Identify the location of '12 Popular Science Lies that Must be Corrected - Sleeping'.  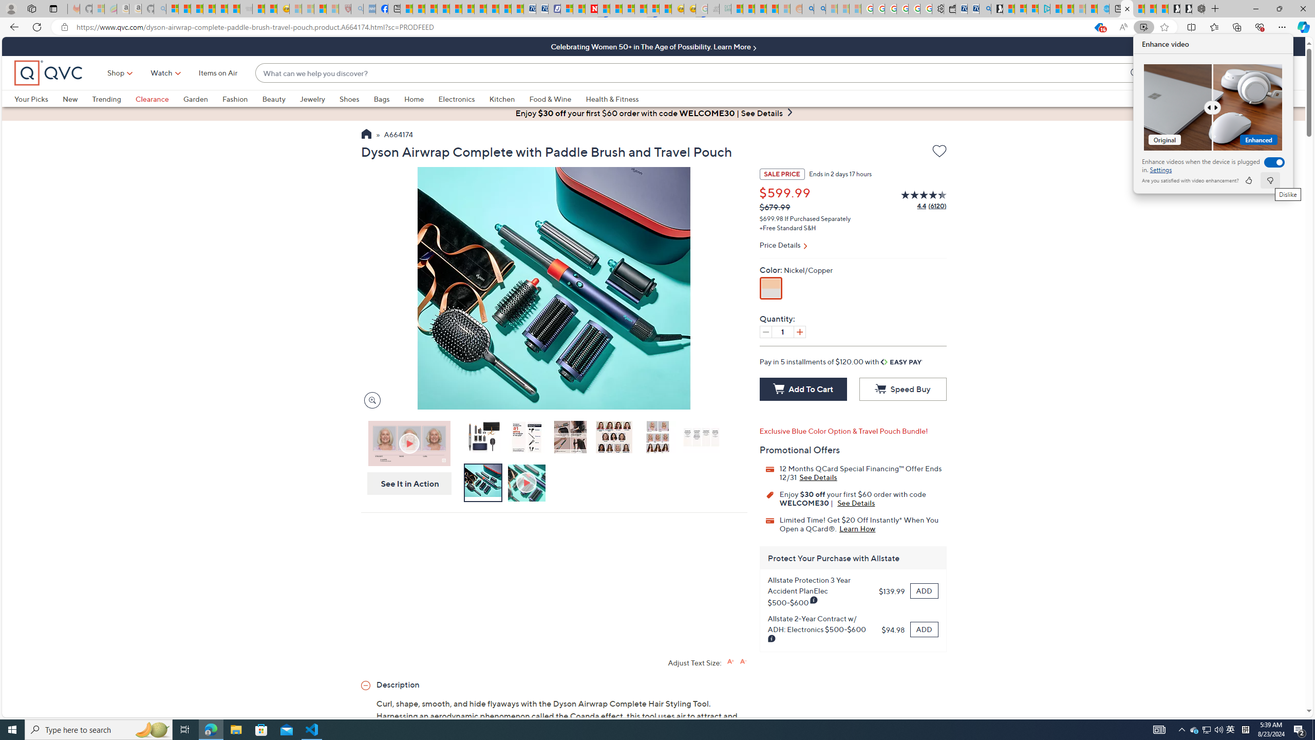
(332, 8).